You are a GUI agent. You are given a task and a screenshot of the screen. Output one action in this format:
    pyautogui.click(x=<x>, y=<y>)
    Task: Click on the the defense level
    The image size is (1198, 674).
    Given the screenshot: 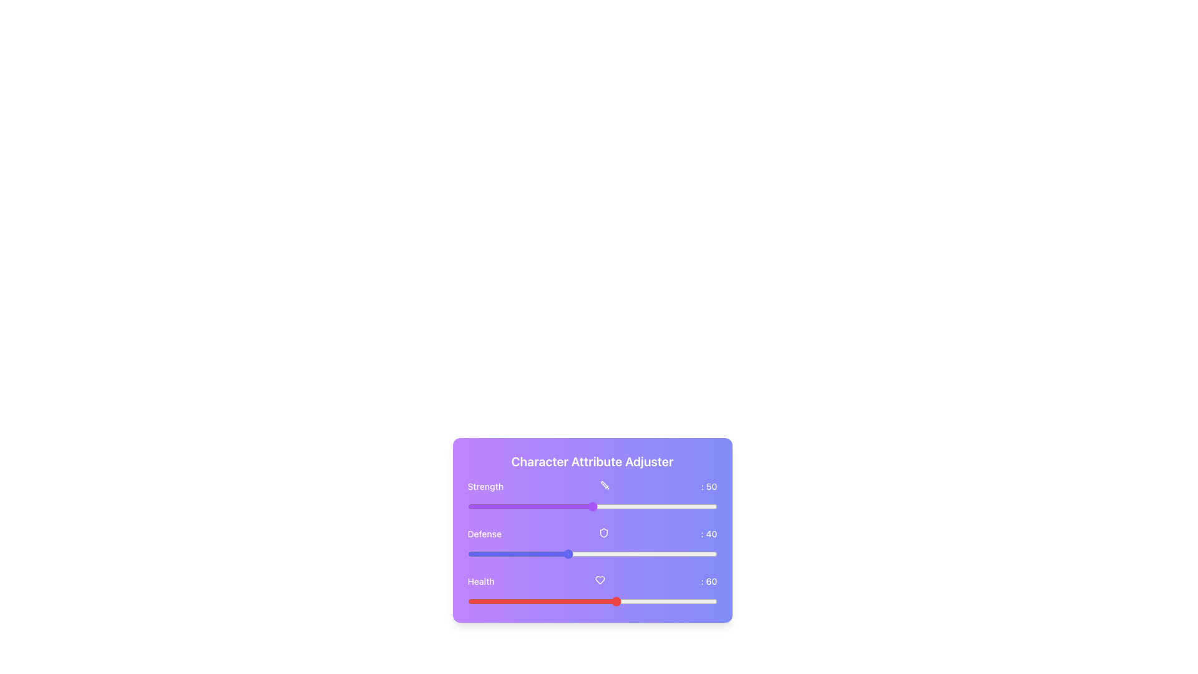 What is the action you would take?
    pyautogui.click(x=671, y=553)
    